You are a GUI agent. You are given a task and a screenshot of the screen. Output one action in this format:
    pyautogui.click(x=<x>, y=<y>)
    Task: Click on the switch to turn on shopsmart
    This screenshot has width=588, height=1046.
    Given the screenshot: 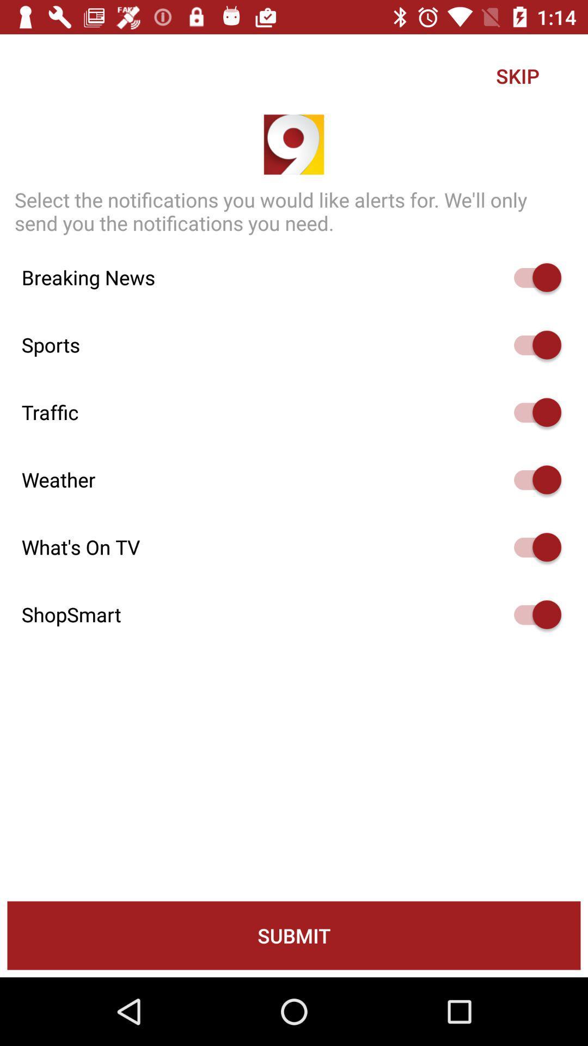 What is the action you would take?
    pyautogui.click(x=532, y=615)
    